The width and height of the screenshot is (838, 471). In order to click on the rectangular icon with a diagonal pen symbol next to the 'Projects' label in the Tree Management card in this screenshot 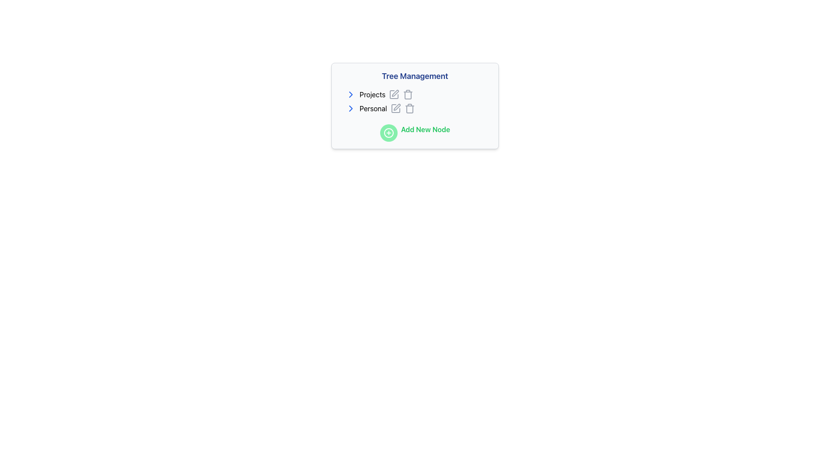, I will do `click(394, 94)`.